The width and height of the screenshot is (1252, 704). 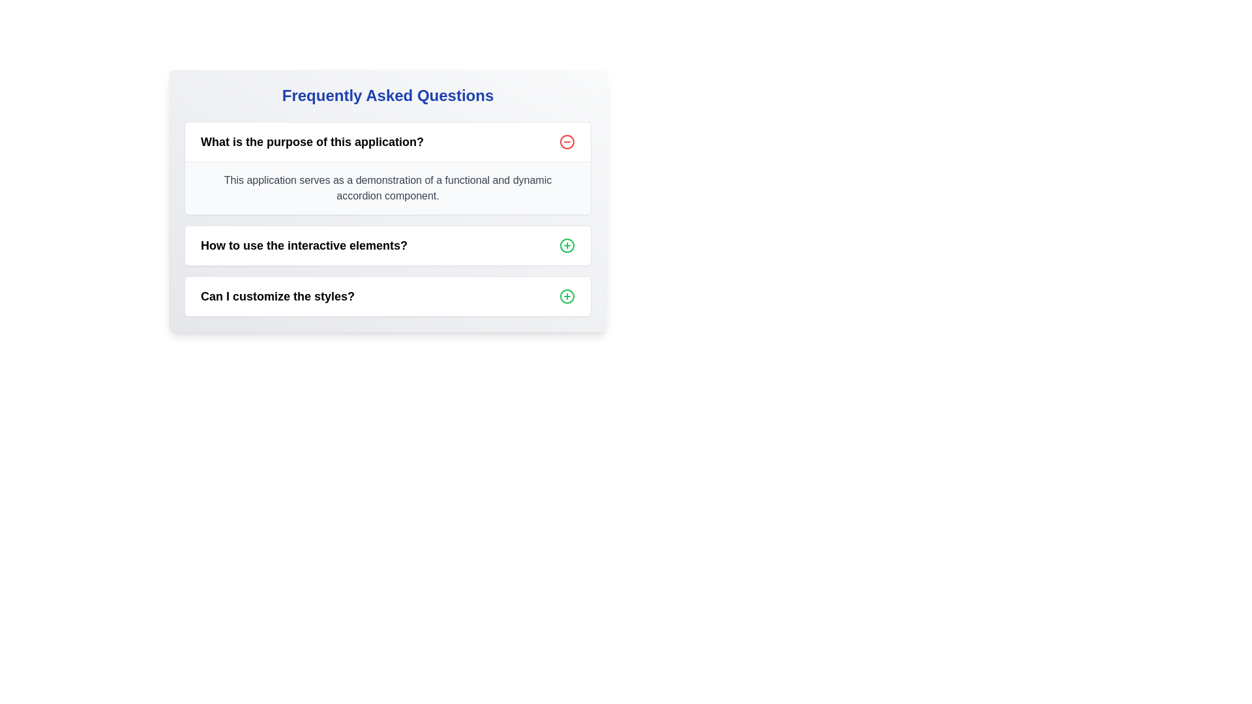 What do you see at coordinates (277, 297) in the screenshot?
I see `the text element that presents a question or label related to styles customization options` at bounding box center [277, 297].